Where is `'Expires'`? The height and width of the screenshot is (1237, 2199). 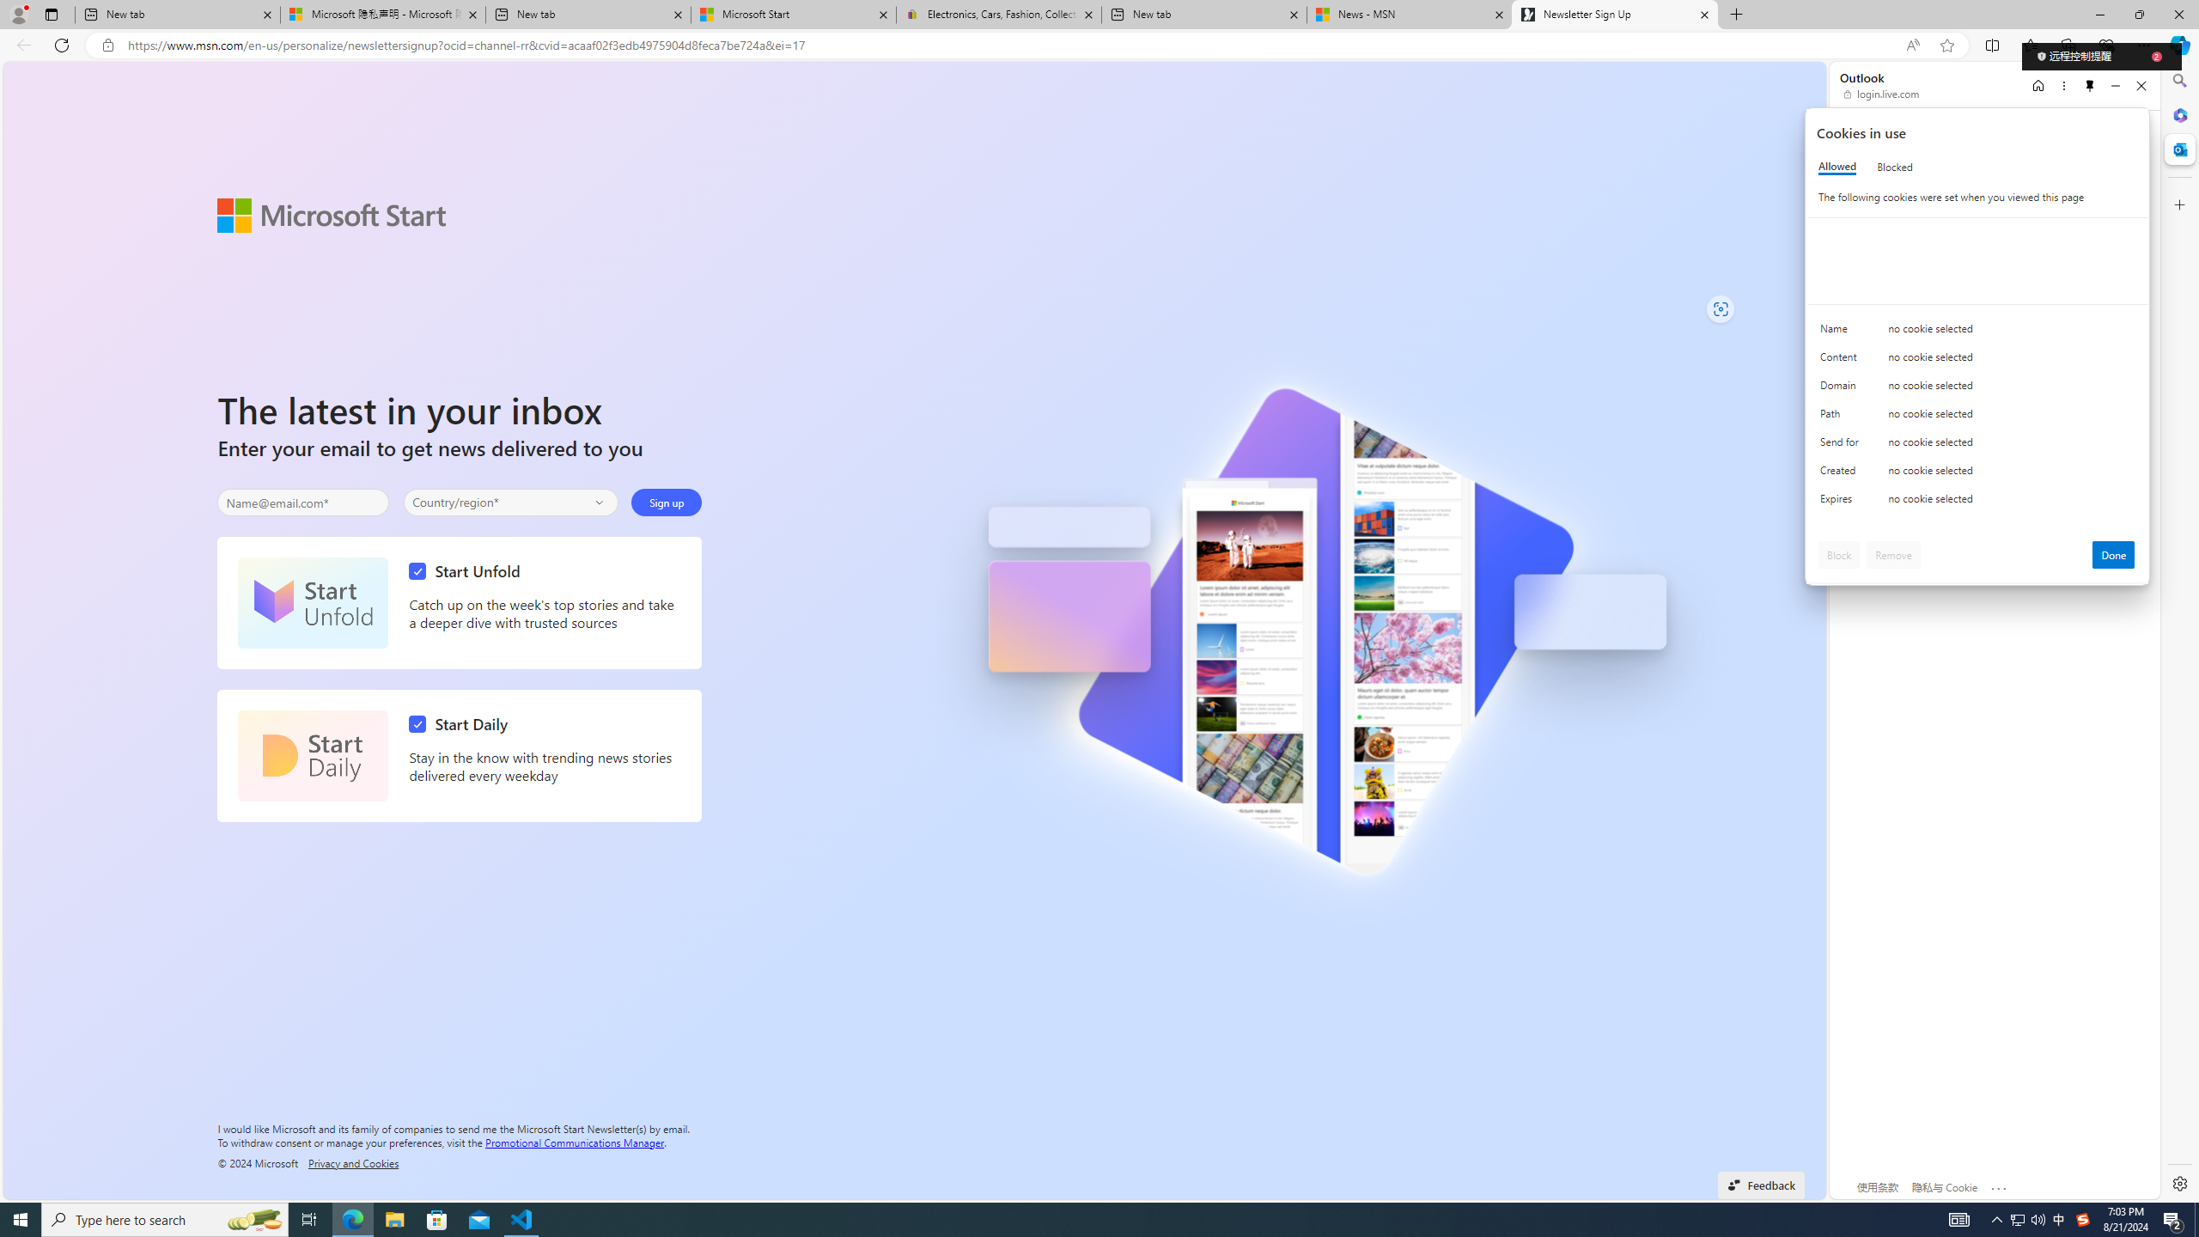 'Expires' is located at coordinates (1842, 503).